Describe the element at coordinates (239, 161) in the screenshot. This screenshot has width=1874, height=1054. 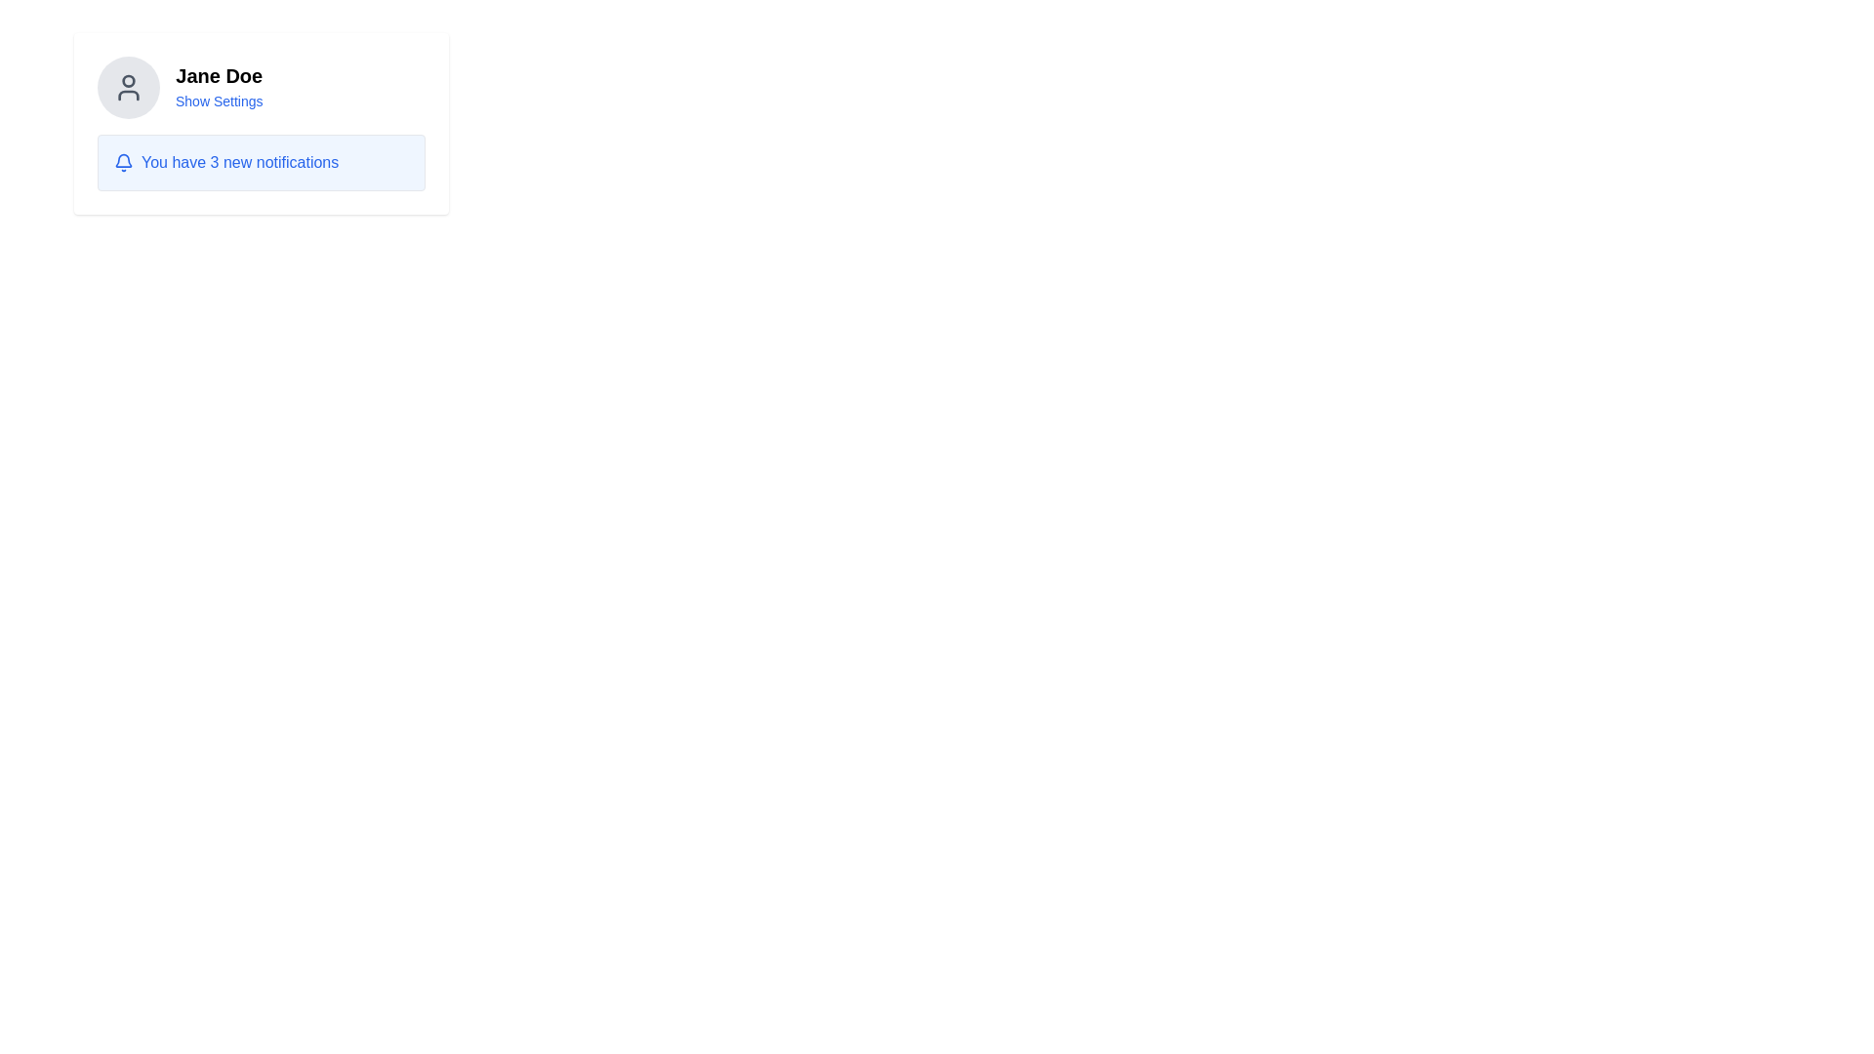
I see `the Text Label that informs users about the number of unread notifications, located to the right of the bell icon` at that location.